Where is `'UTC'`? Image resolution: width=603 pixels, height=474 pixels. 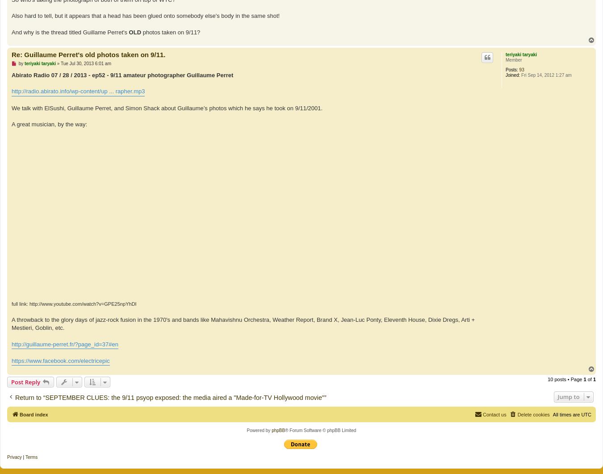 'UTC' is located at coordinates (586, 413).